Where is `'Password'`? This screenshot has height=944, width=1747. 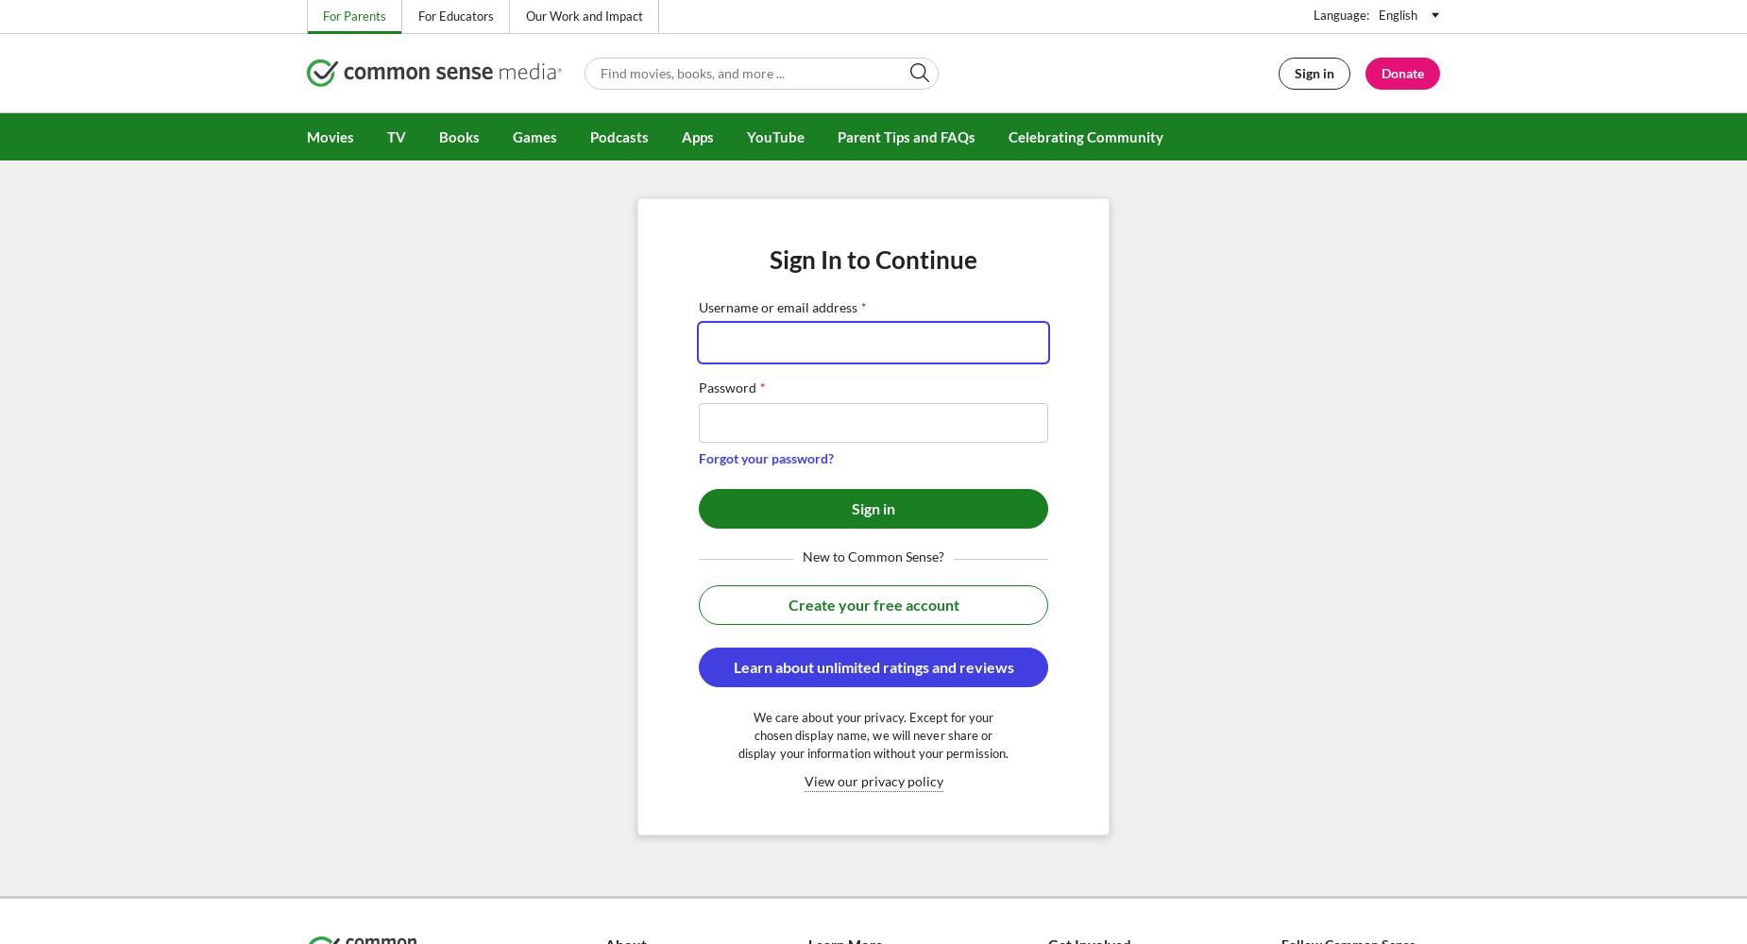
'Password' is located at coordinates (699, 387).